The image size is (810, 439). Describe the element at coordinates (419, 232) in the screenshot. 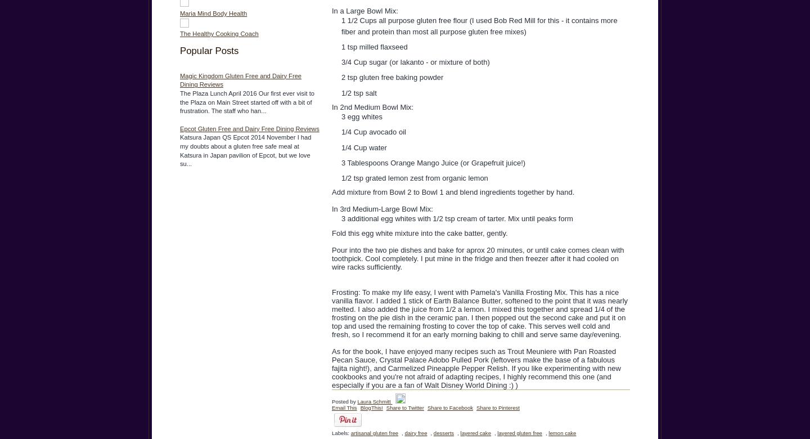

I see `'Fold this egg white mixture into the cake batter, gently.'` at that location.